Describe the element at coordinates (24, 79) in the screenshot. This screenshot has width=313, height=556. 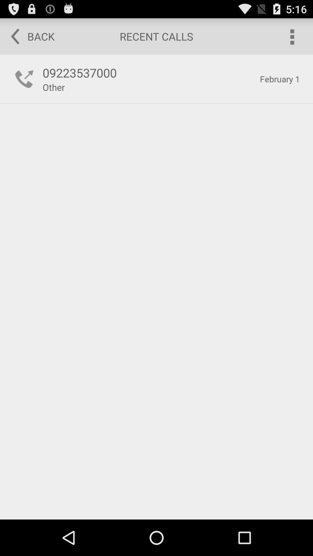
I see `the icon next to the 09223537000 app` at that location.